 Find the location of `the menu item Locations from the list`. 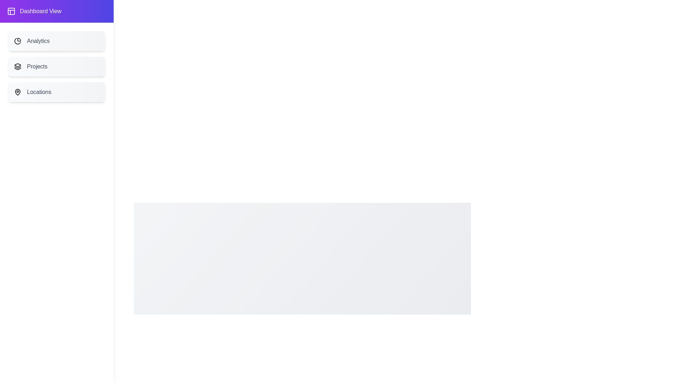

the menu item Locations from the list is located at coordinates (56, 91).